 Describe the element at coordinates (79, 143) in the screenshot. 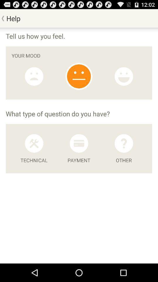

I see `question type payment` at that location.